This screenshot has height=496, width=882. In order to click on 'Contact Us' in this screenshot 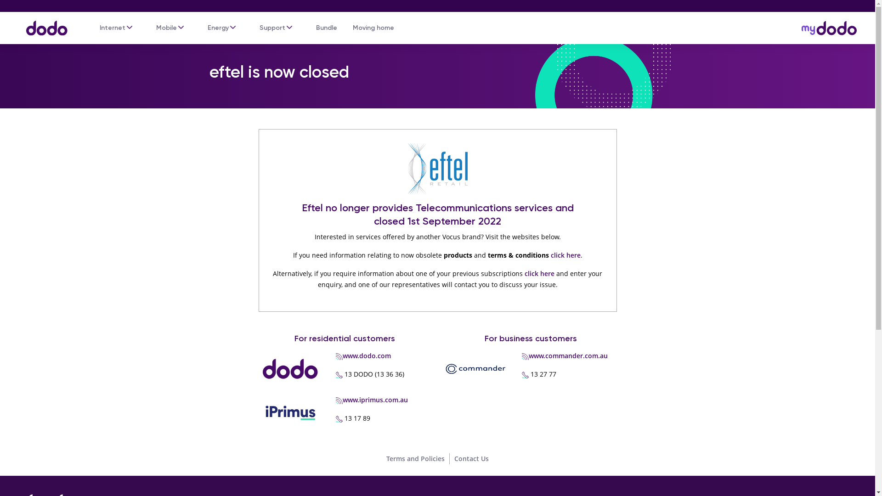, I will do `click(454, 458)`.